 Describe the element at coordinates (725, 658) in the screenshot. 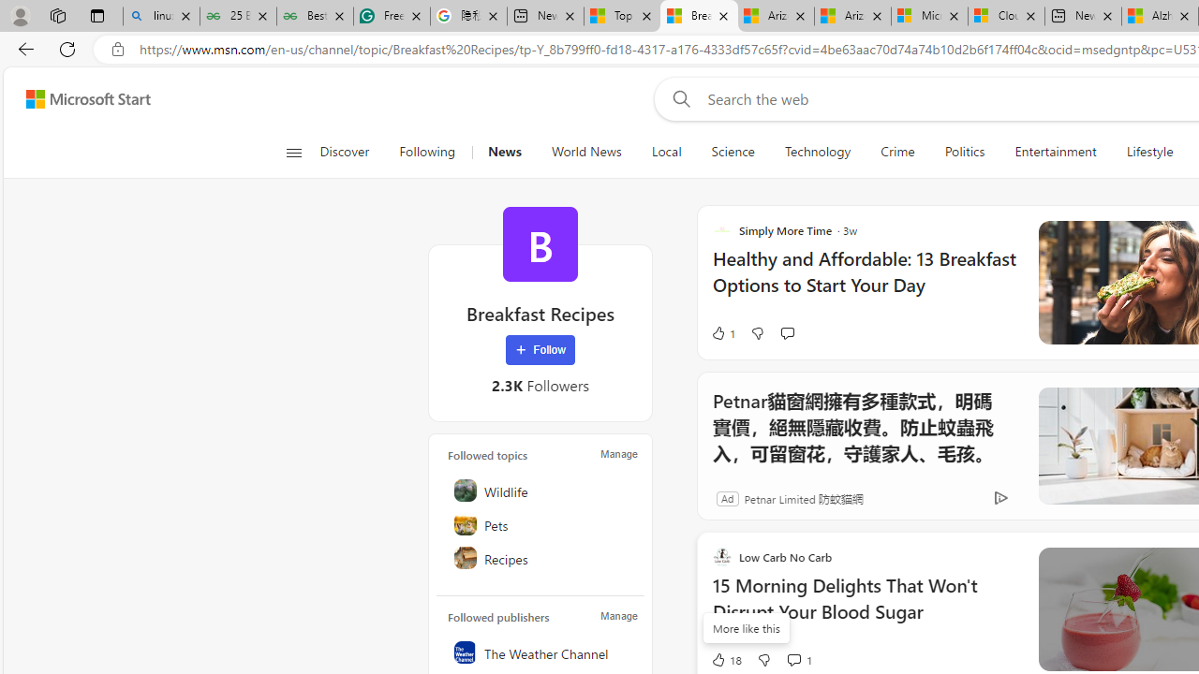

I see `'18 Like'` at that location.